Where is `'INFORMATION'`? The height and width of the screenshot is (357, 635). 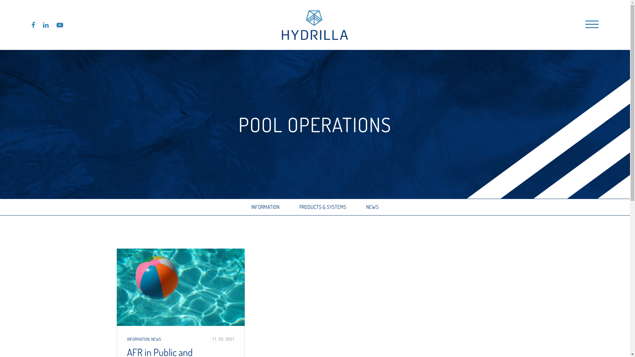
'INFORMATION' is located at coordinates (138, 339).